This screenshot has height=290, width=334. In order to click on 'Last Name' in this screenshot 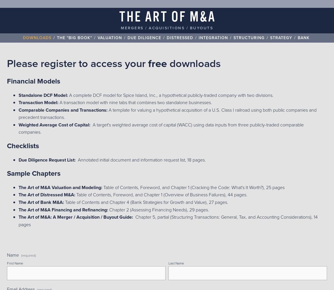, I will do `click(168, 263)`.